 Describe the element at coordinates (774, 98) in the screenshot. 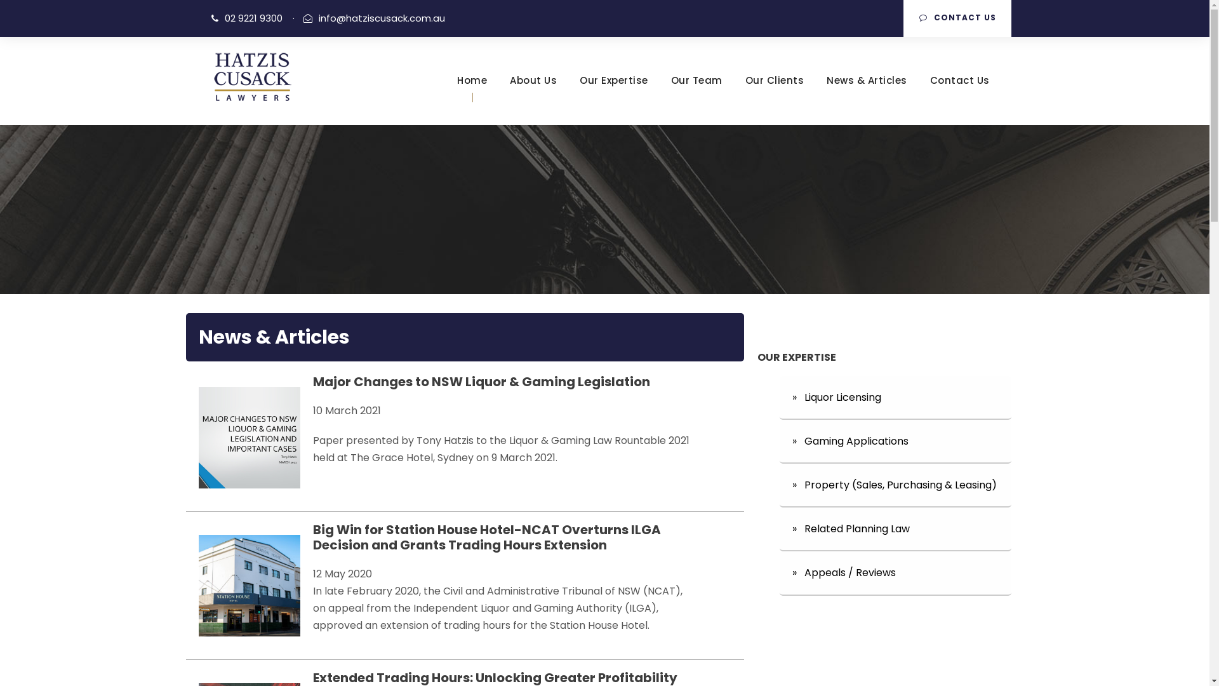

I see `'Our Clients'` at that location.